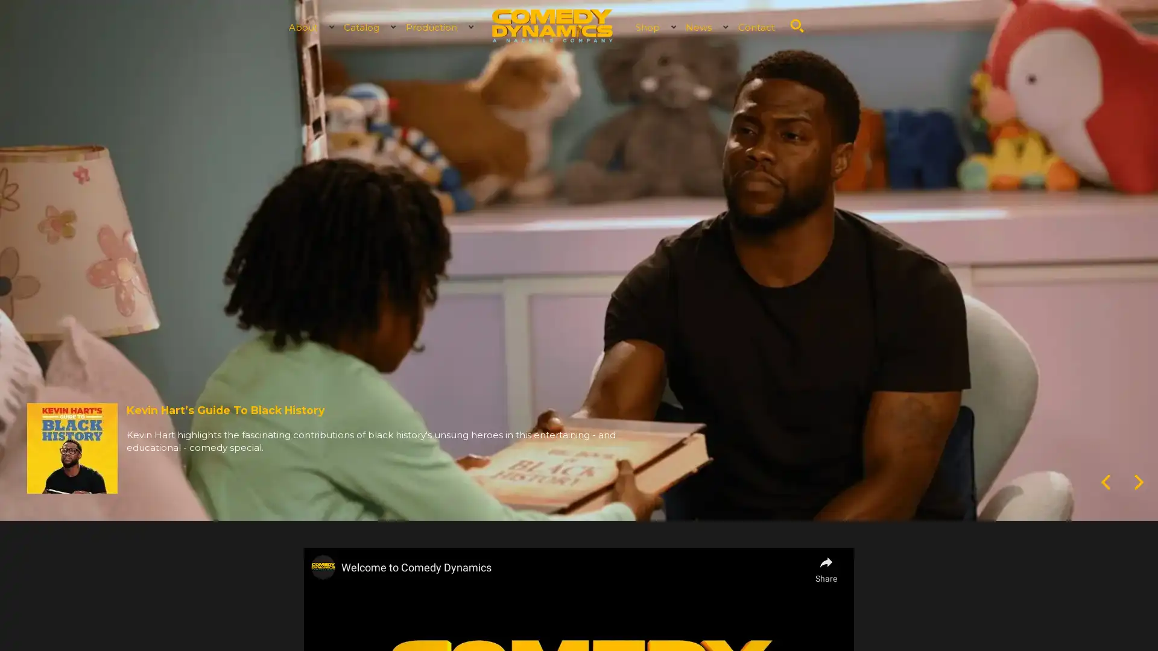 The image size is (1158, 651). I want to click on Expand child menu, so click(725, 27).